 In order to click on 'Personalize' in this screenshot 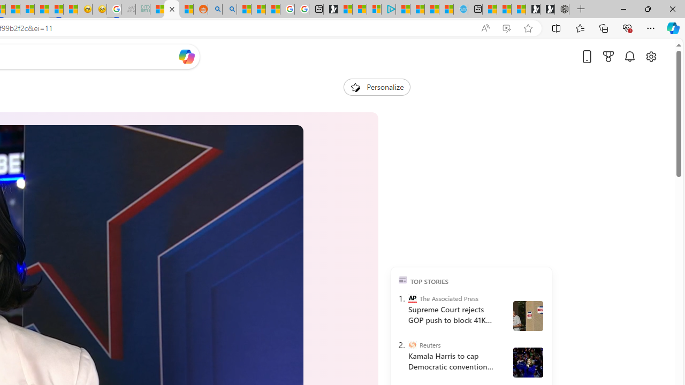, I will do `click(377, 87)`.